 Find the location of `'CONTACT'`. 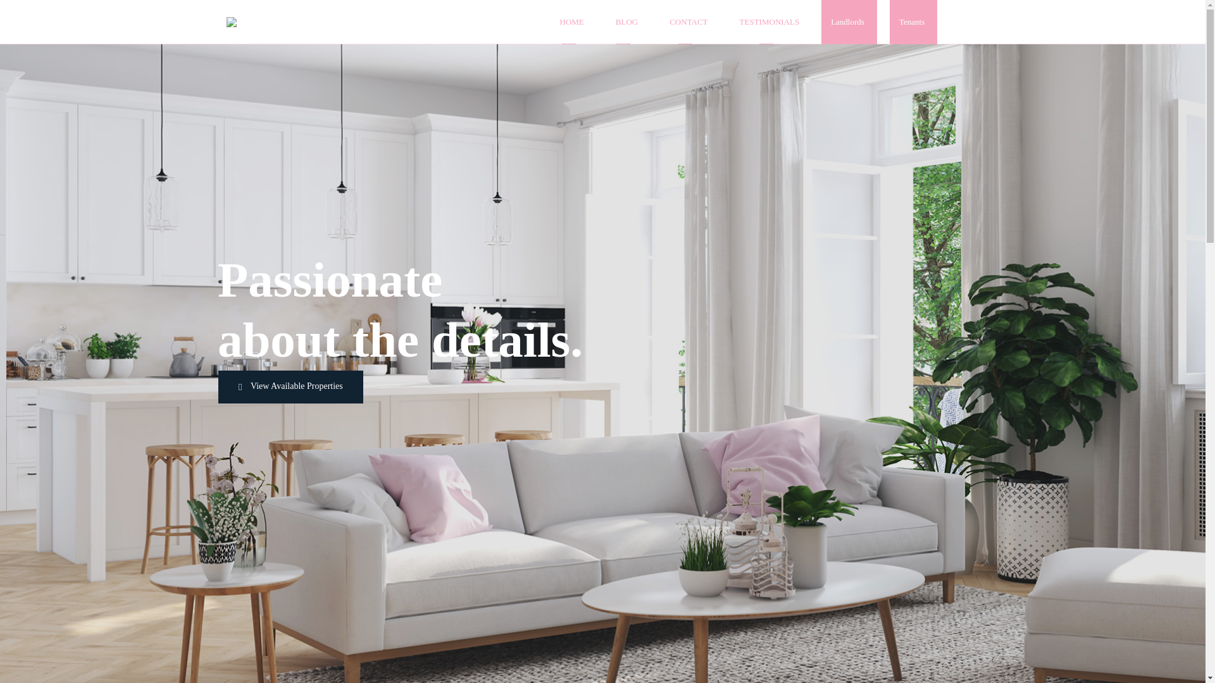

'CONTACT' is located at coordinates (688, 22).